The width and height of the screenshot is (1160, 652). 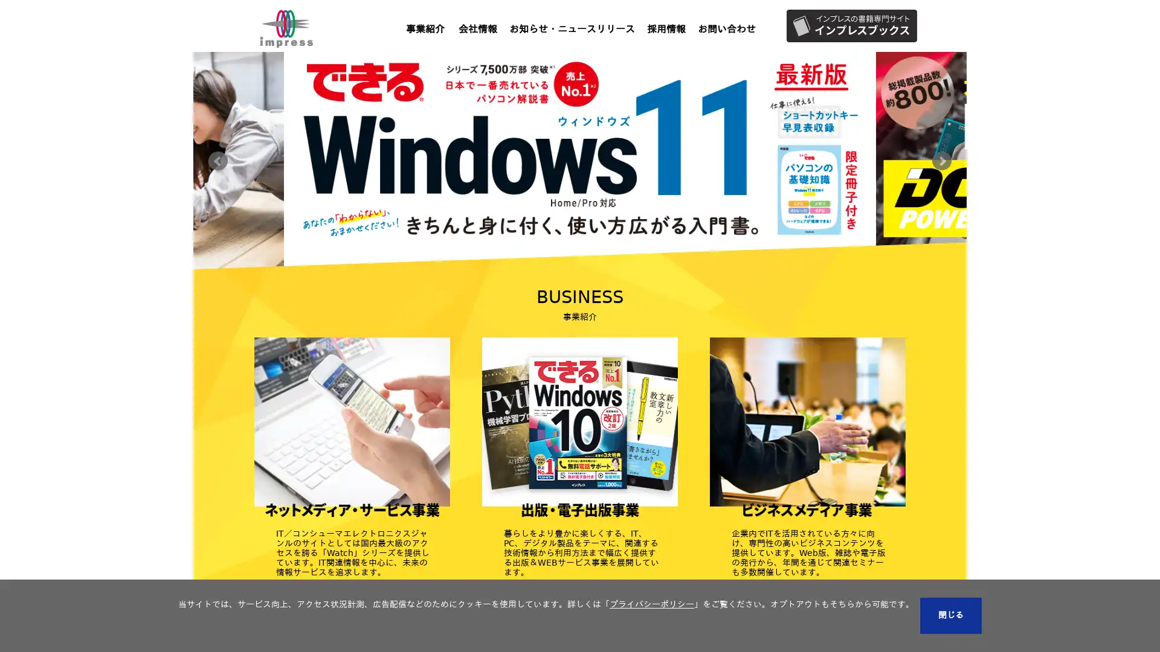 I want to click on a 4, so click(x=598, y=279).